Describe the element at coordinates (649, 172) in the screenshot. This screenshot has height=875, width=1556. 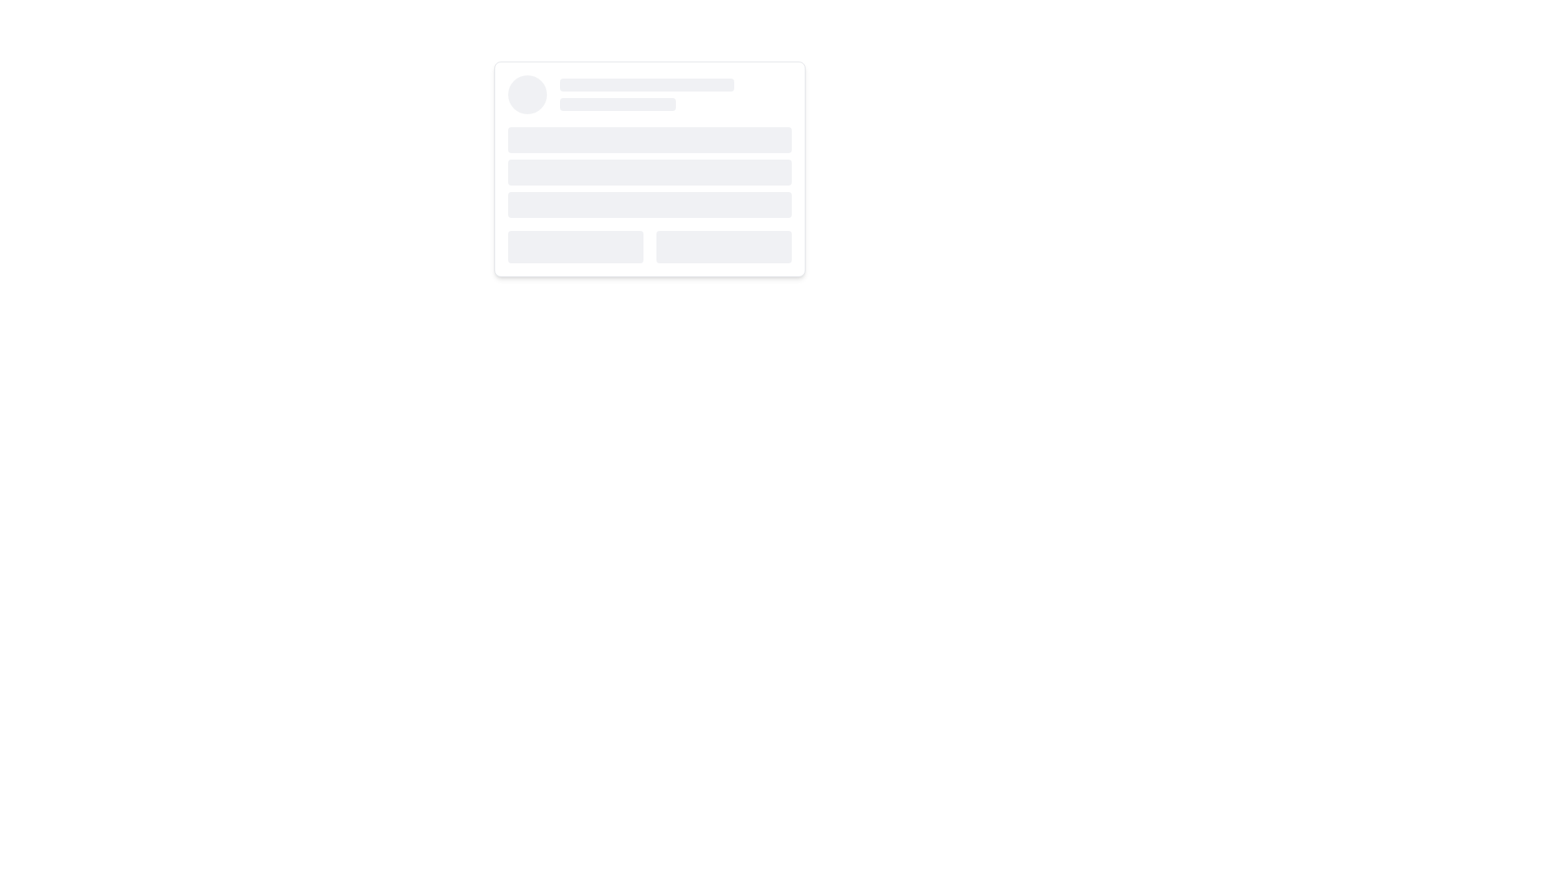
I see `the second animated loading placeholder, which is a horizontally elongated rectangular element with rounded corners and a light gray color, positioned in the middle of a vertically aligned group of three placeholders` at that location.